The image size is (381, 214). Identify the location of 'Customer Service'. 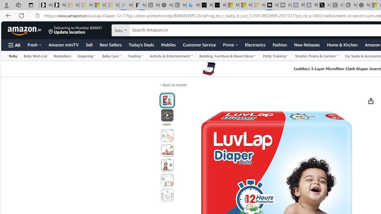
(199, 44).